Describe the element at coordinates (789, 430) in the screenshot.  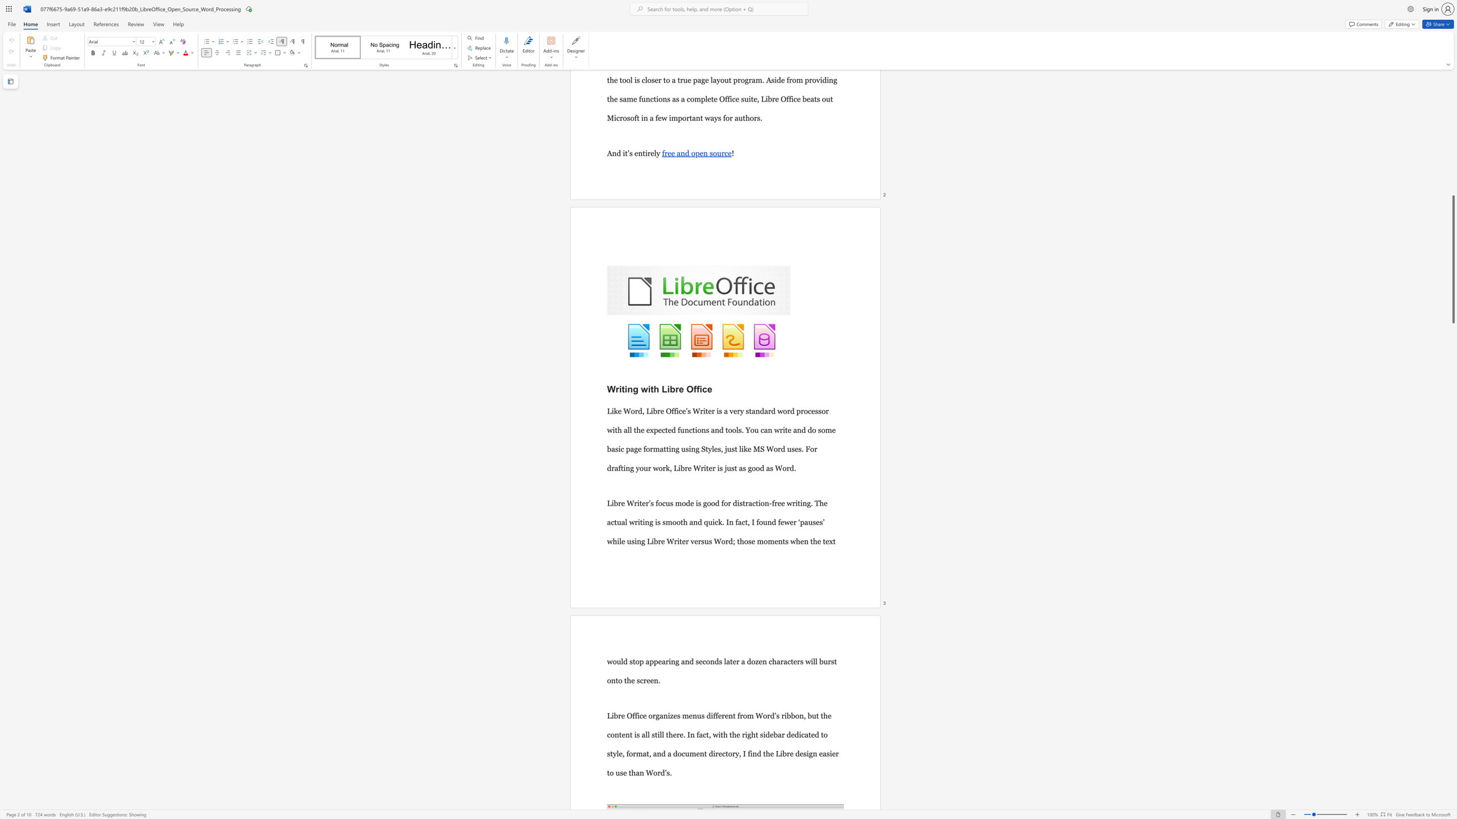
I see `the 11th character "e" in the text` at that location.